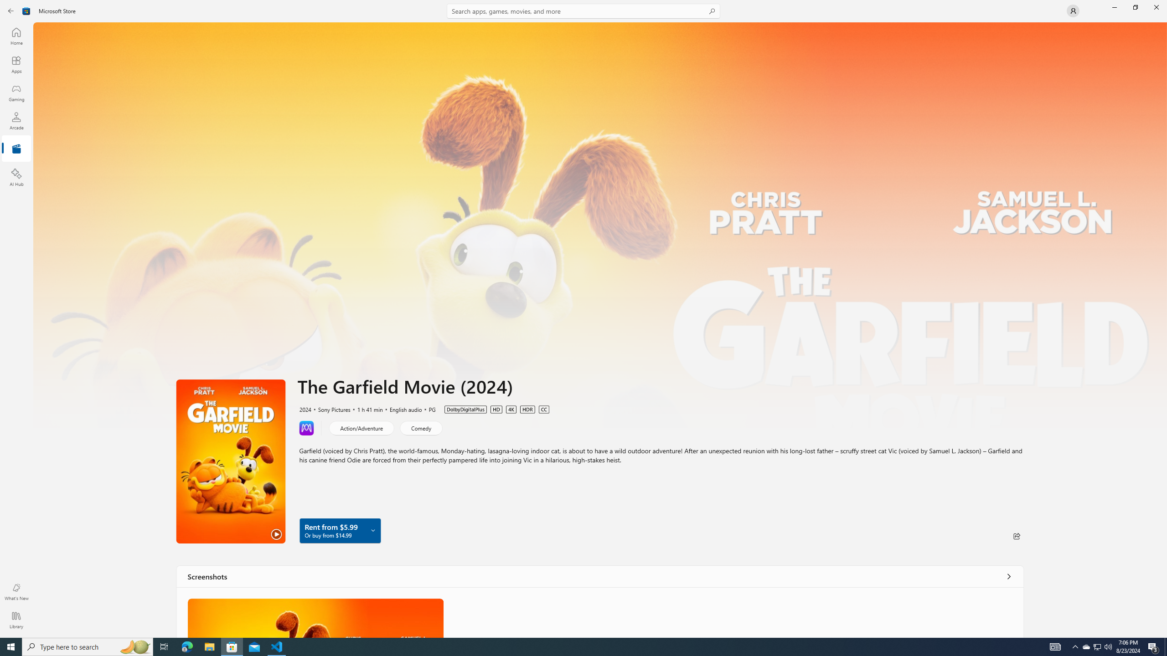 This screenshot has width=1167, height=656. Describe the element at coordinates (1009, 576) in the screenshot. I see `'See all'` at that location.